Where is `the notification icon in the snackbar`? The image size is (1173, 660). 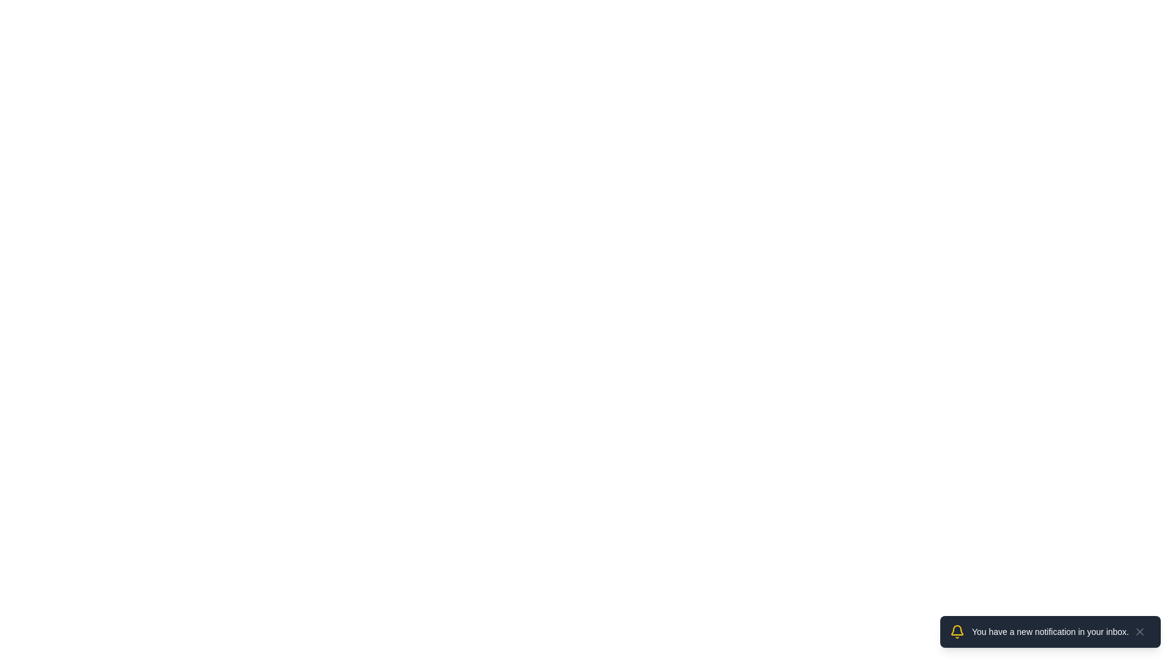
the notification icon in the snackbar is located at coordinates (956, 631).